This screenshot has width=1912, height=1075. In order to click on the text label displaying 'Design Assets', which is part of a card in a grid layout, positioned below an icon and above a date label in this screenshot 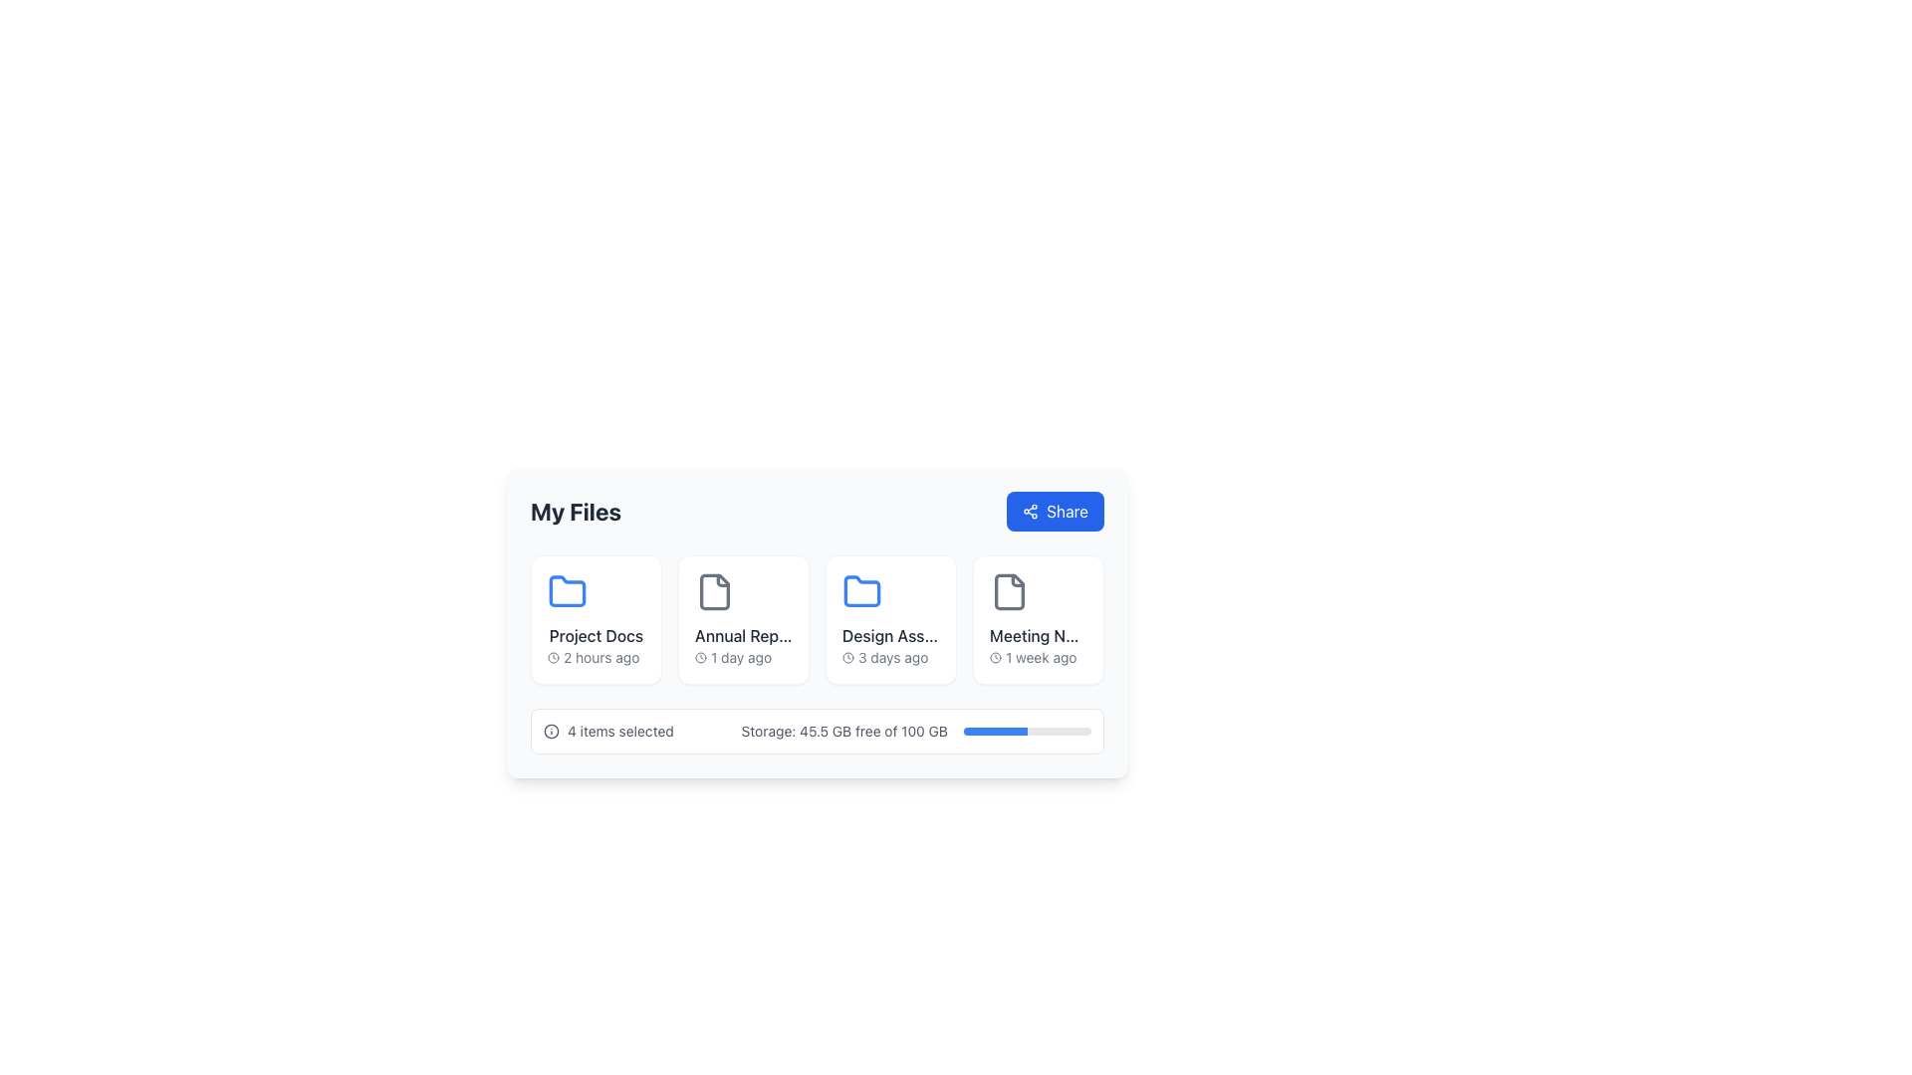, I will do `click(889, 636)`.